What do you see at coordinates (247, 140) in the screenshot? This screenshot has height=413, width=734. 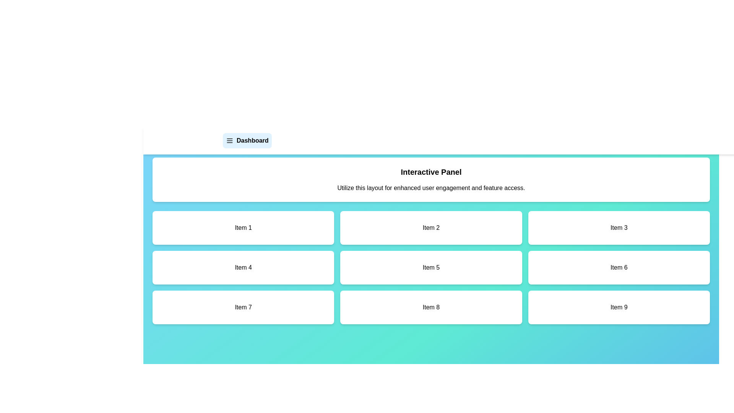 I see `the 'Dashboard' button` at bounding box center [247, 140].